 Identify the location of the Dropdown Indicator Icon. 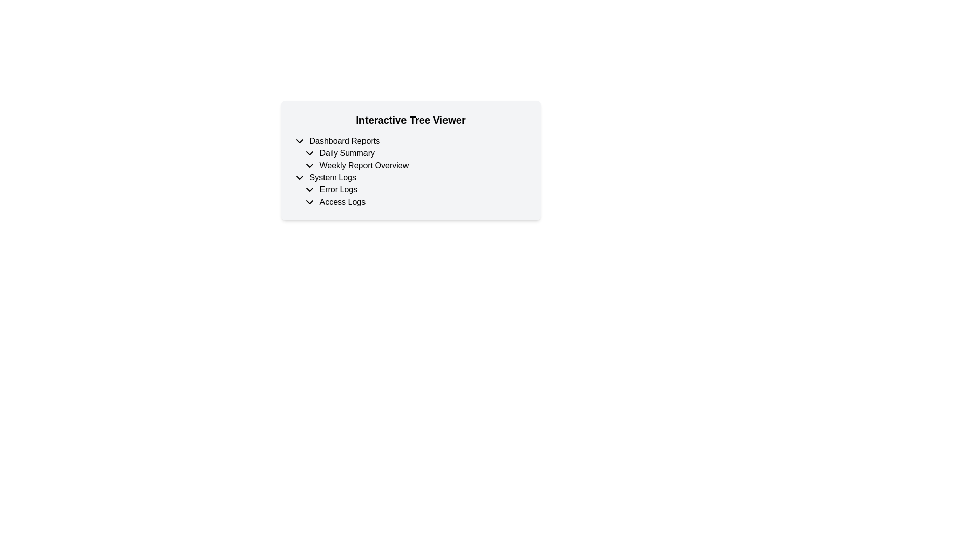
(309, 202).